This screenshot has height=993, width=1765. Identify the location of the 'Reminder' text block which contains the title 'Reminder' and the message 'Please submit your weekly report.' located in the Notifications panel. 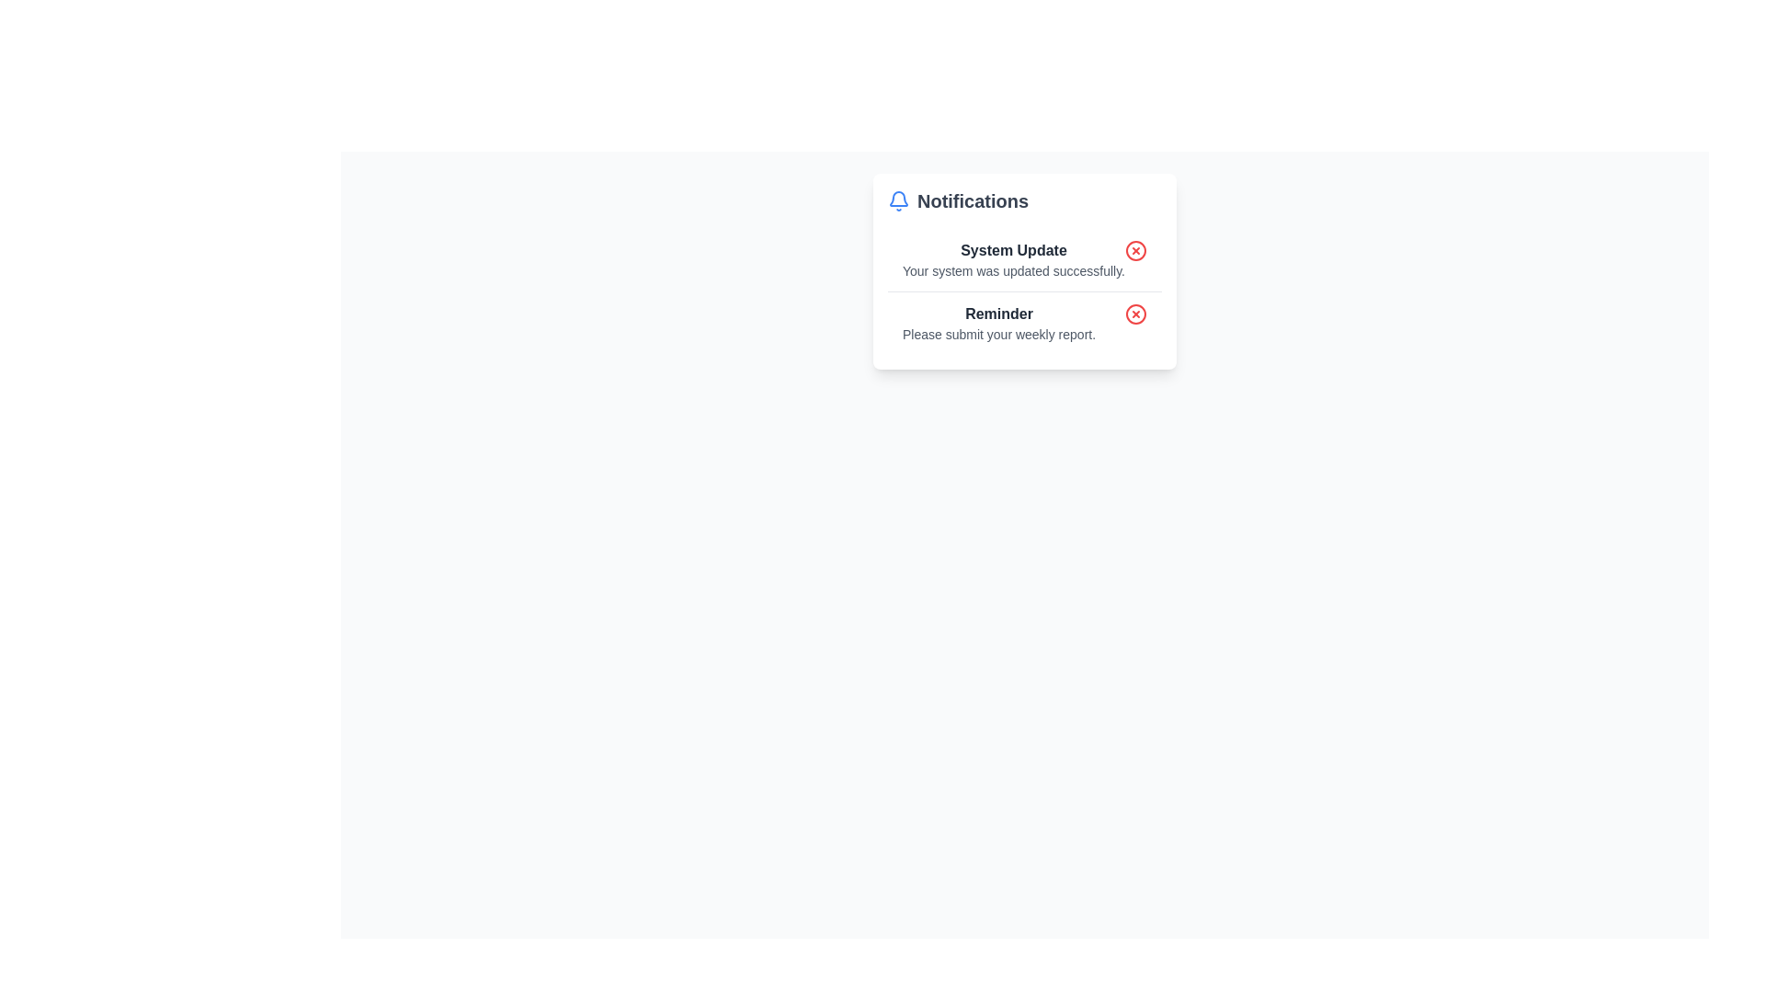
(998, 322).